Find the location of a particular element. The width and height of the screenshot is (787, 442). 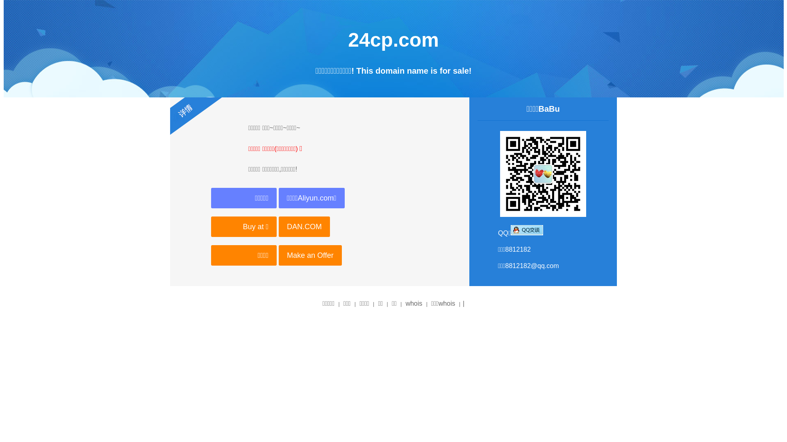

'Make an Offer' is located at coordinates (279, 255).